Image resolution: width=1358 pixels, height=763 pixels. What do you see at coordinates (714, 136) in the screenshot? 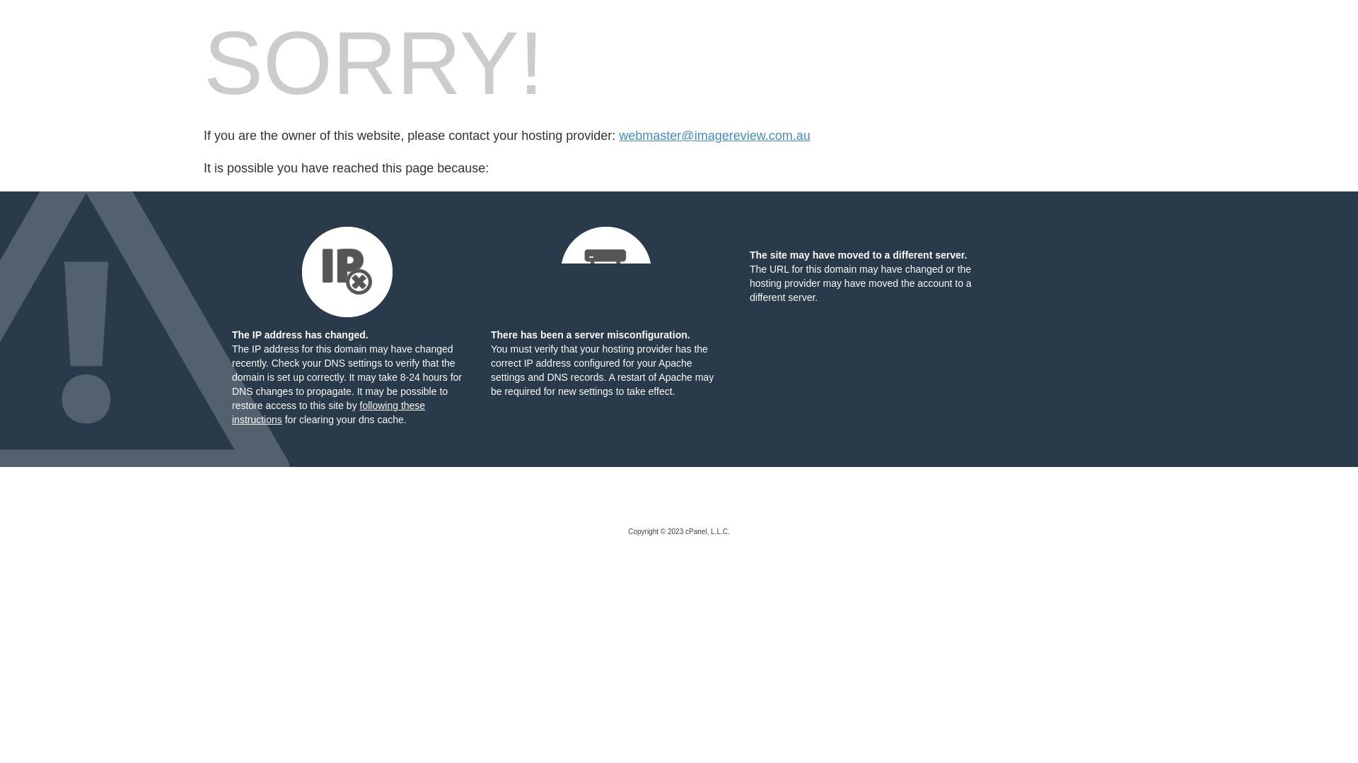
I see `'webmaster@imagereview.com.au'` at bounding box center [714, 136].